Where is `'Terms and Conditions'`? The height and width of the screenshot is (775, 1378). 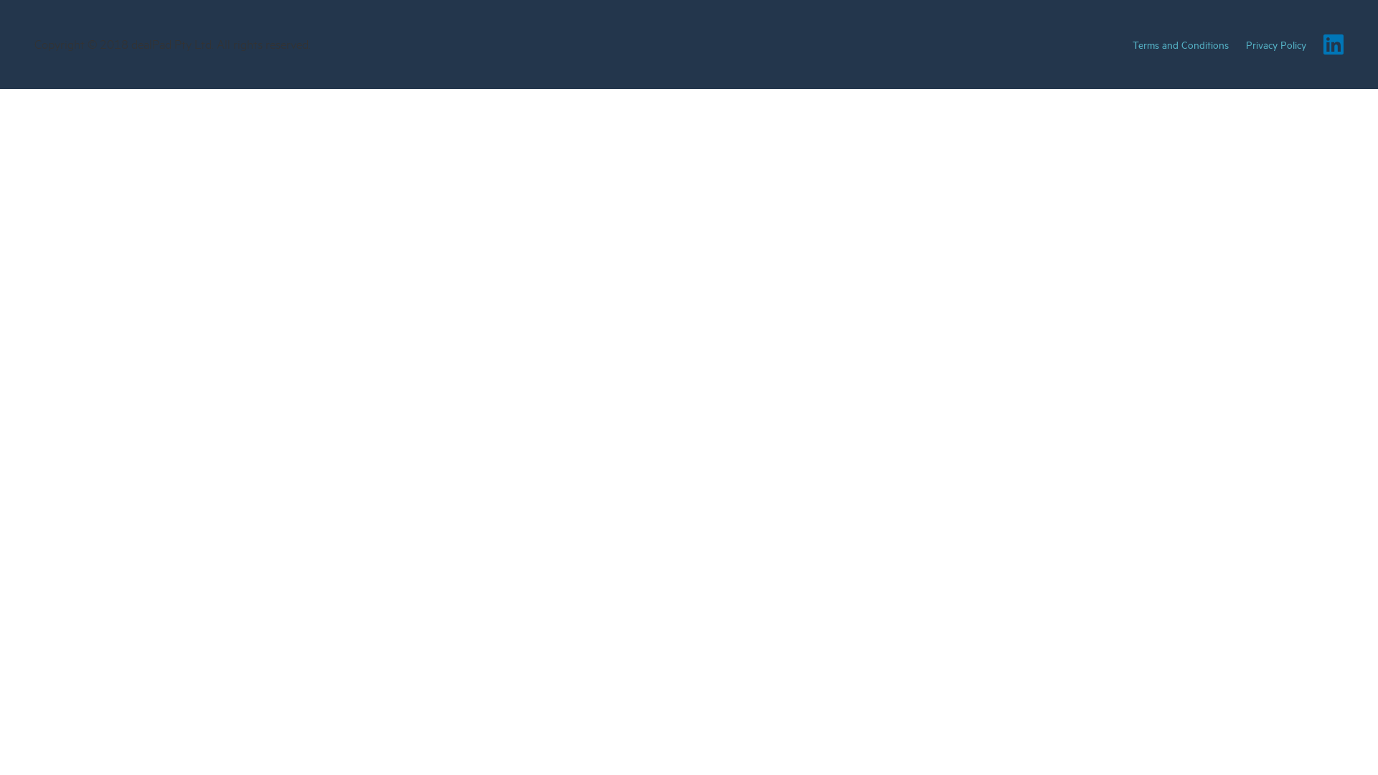
'Terms and Conditions' is located at coordinates (1181, 43).